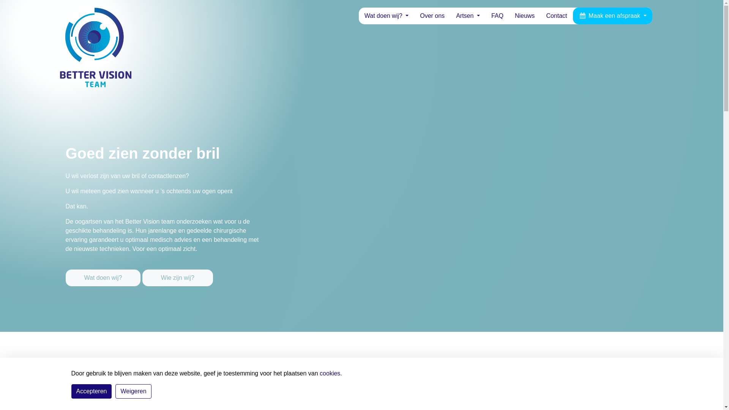 This screenshot has height=410, width=729. I want to click on 'Wat doen wij?', so click(102, 278).